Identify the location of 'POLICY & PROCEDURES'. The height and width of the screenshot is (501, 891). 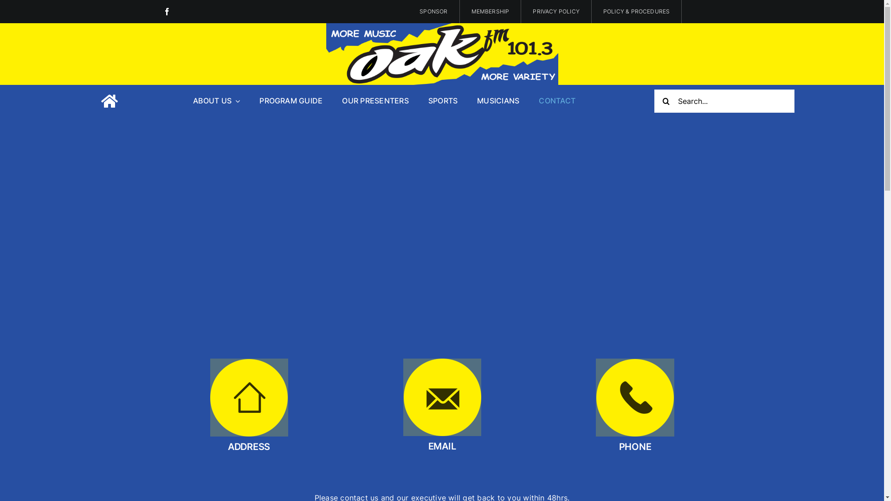
(636, 11).